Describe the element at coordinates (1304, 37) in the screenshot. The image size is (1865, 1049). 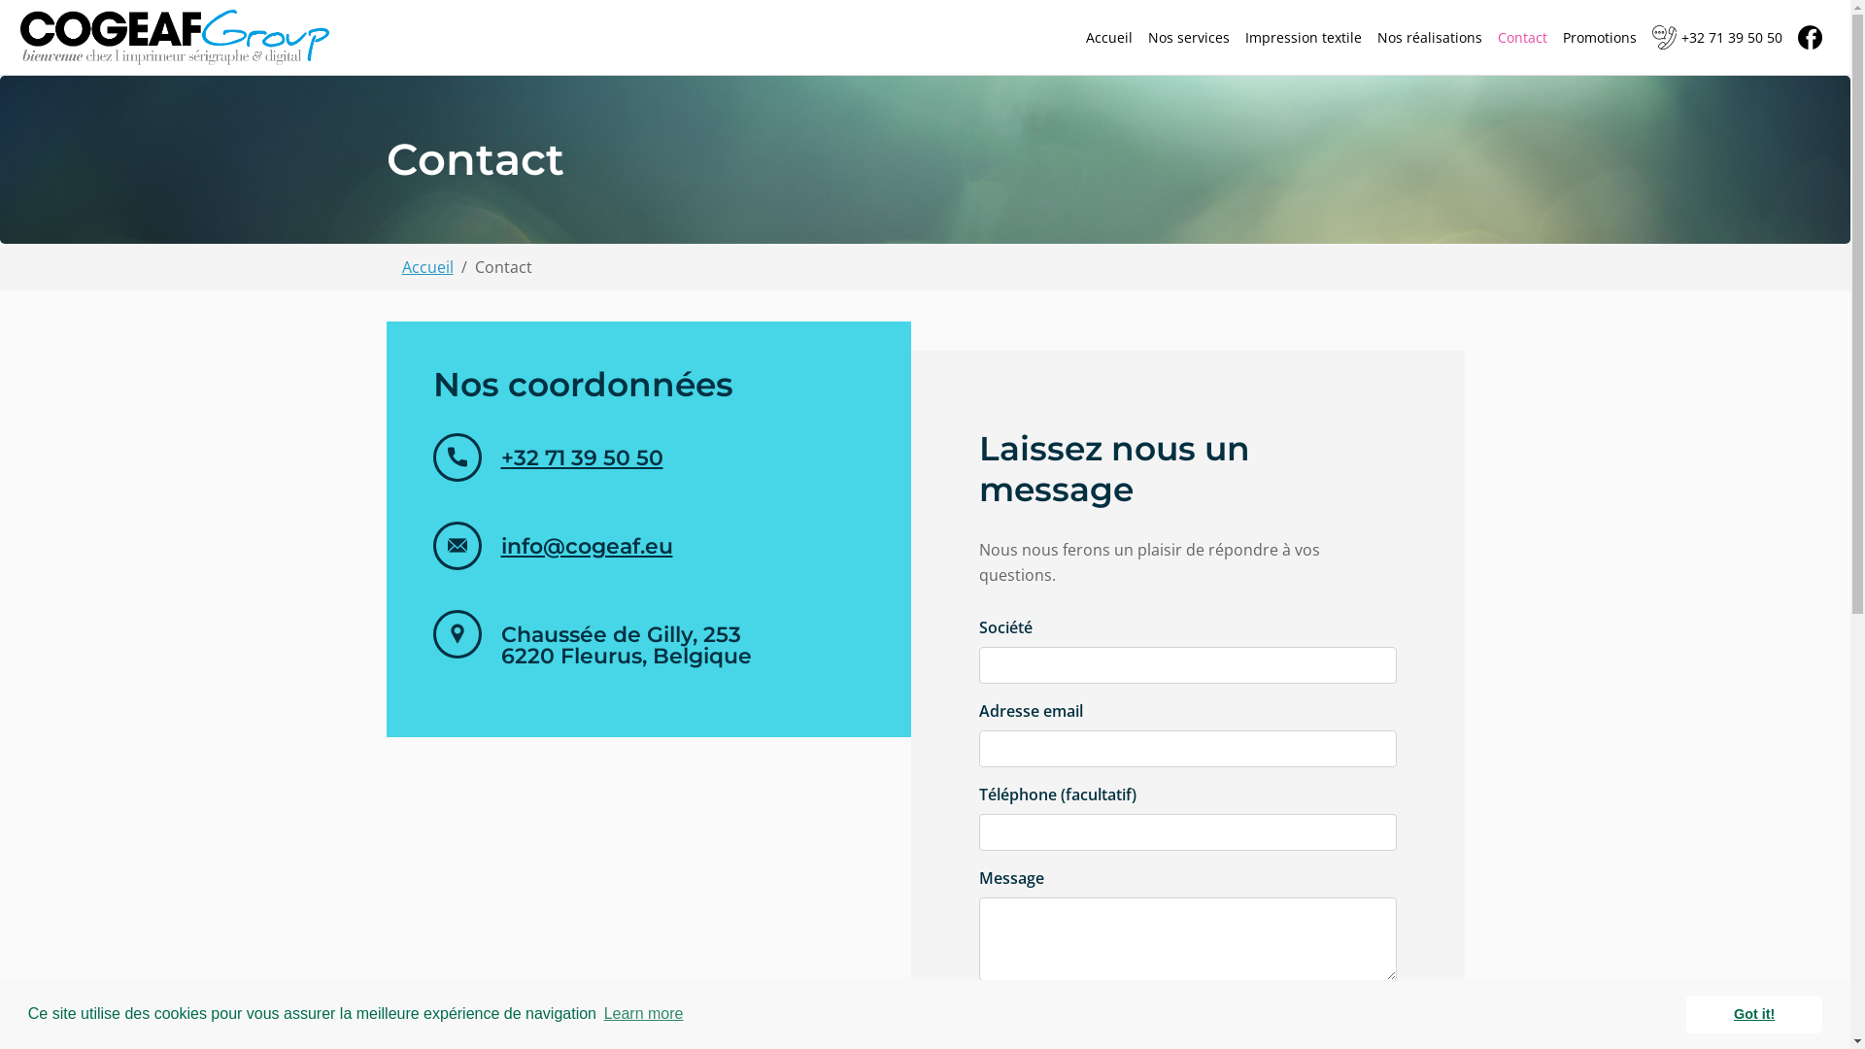
I see `'Impression textile'` at that location.